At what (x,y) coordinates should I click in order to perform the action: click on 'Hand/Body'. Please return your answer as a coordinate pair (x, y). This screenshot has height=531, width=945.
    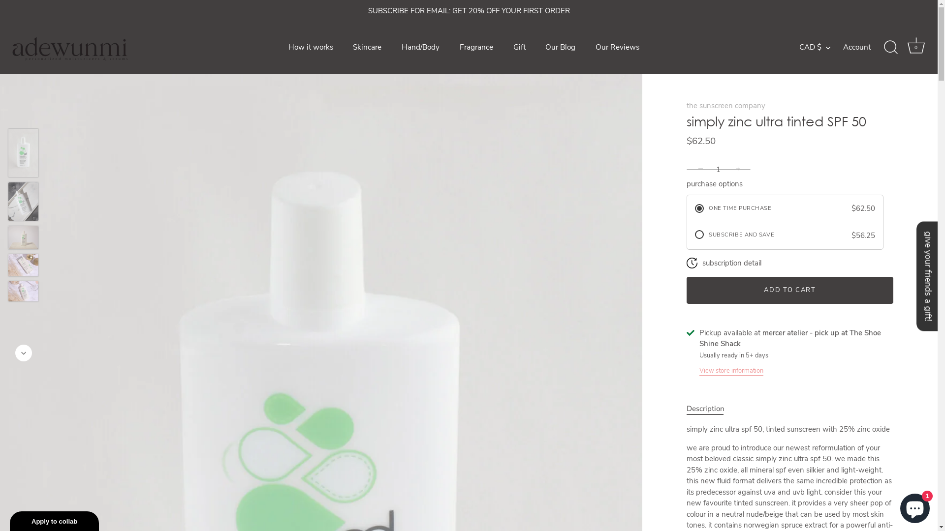
    Looking at the image, I should click on (420, 47).